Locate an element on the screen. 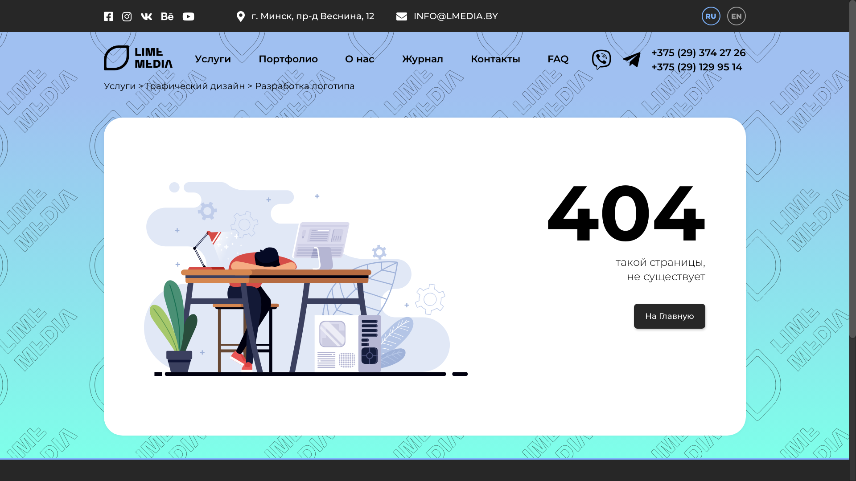 The width and height of the screenshot is (856, 481). 'RU' is located at coordinates (710, 16).